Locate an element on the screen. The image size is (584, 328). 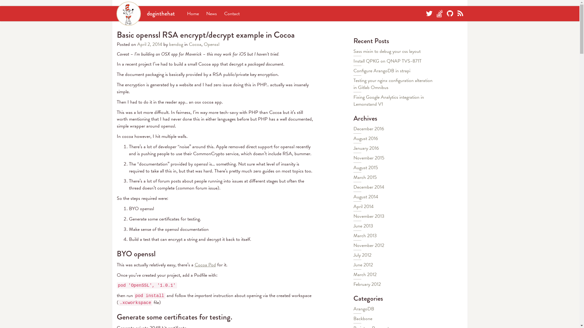
'April 2, 2014' is located at coordinates (150, 44).